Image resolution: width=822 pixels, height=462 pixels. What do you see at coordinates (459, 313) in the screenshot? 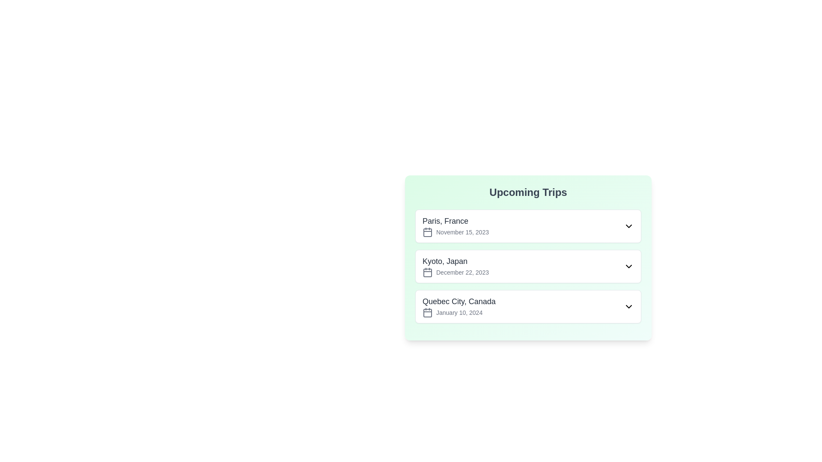
I see `the text element displaying the trip date for the 'Quebec City, Canada' entry located under the 'Upcoming Trips' section` at bounding box center [459, 313].